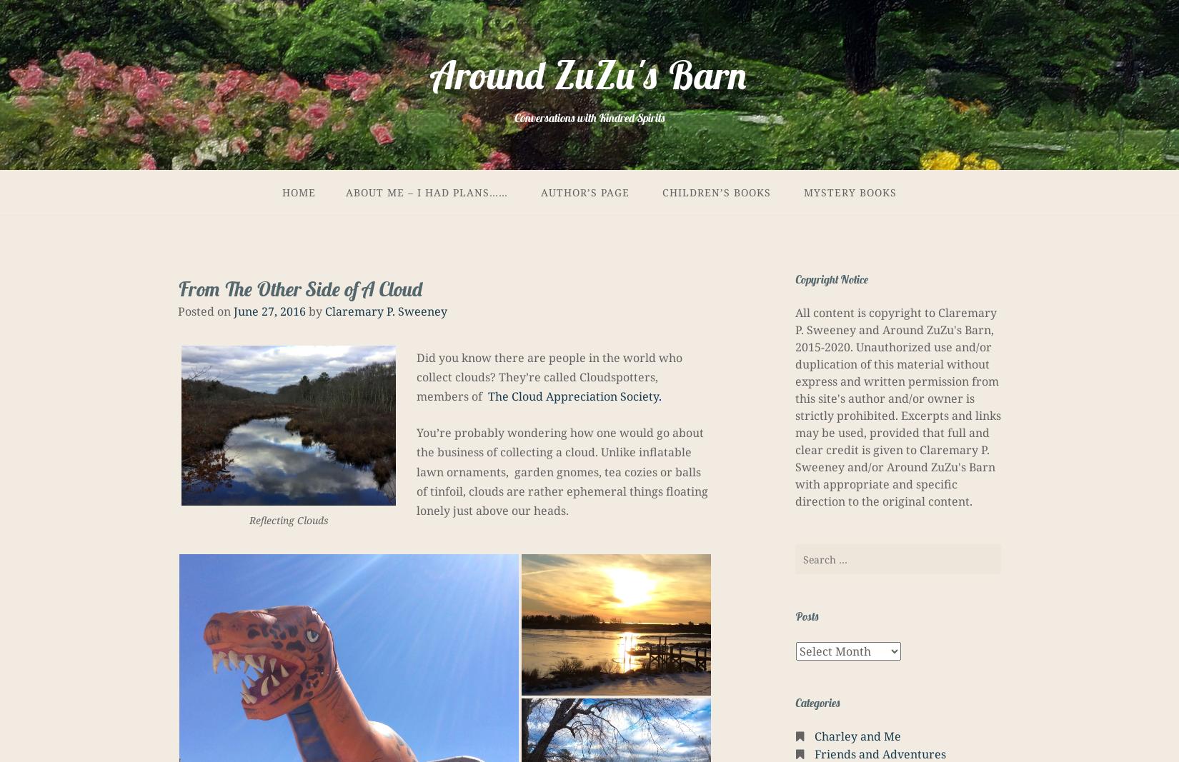 This screenshot has width=1179, height=762. Describe the element at coordinates (857, 736) in the screenshot. I see `'Charley and Me'` at that location.